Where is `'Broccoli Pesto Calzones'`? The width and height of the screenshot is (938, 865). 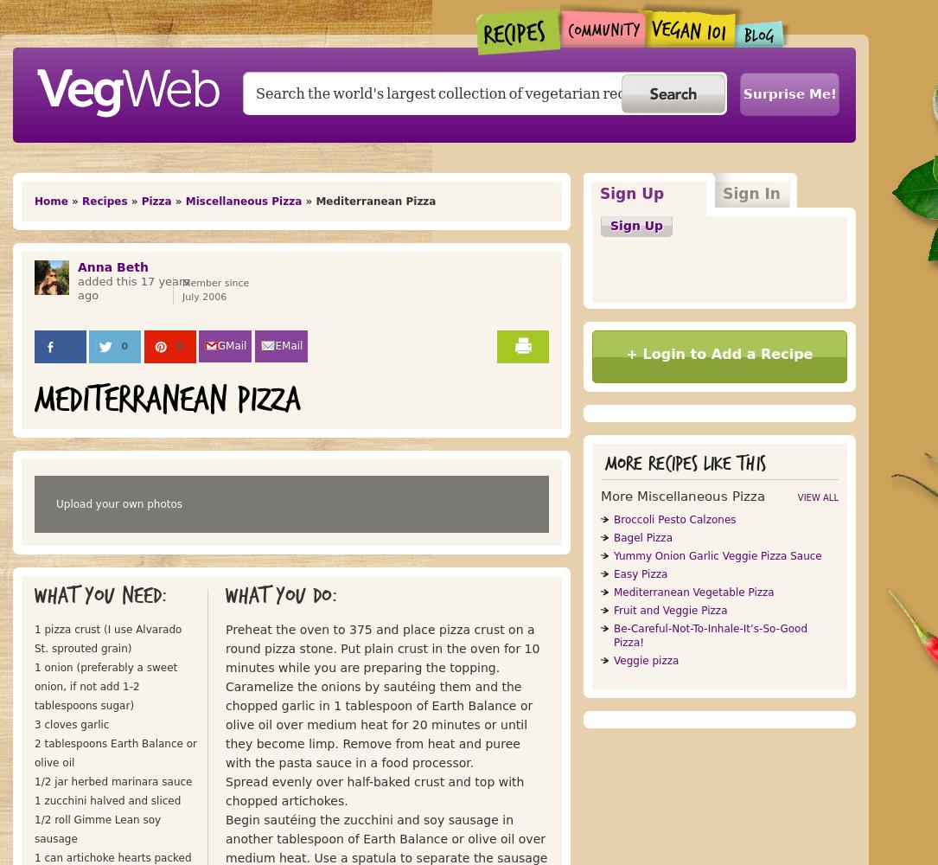
'Broccoli Pesto Calzones' is located at coordinates (674, 519).